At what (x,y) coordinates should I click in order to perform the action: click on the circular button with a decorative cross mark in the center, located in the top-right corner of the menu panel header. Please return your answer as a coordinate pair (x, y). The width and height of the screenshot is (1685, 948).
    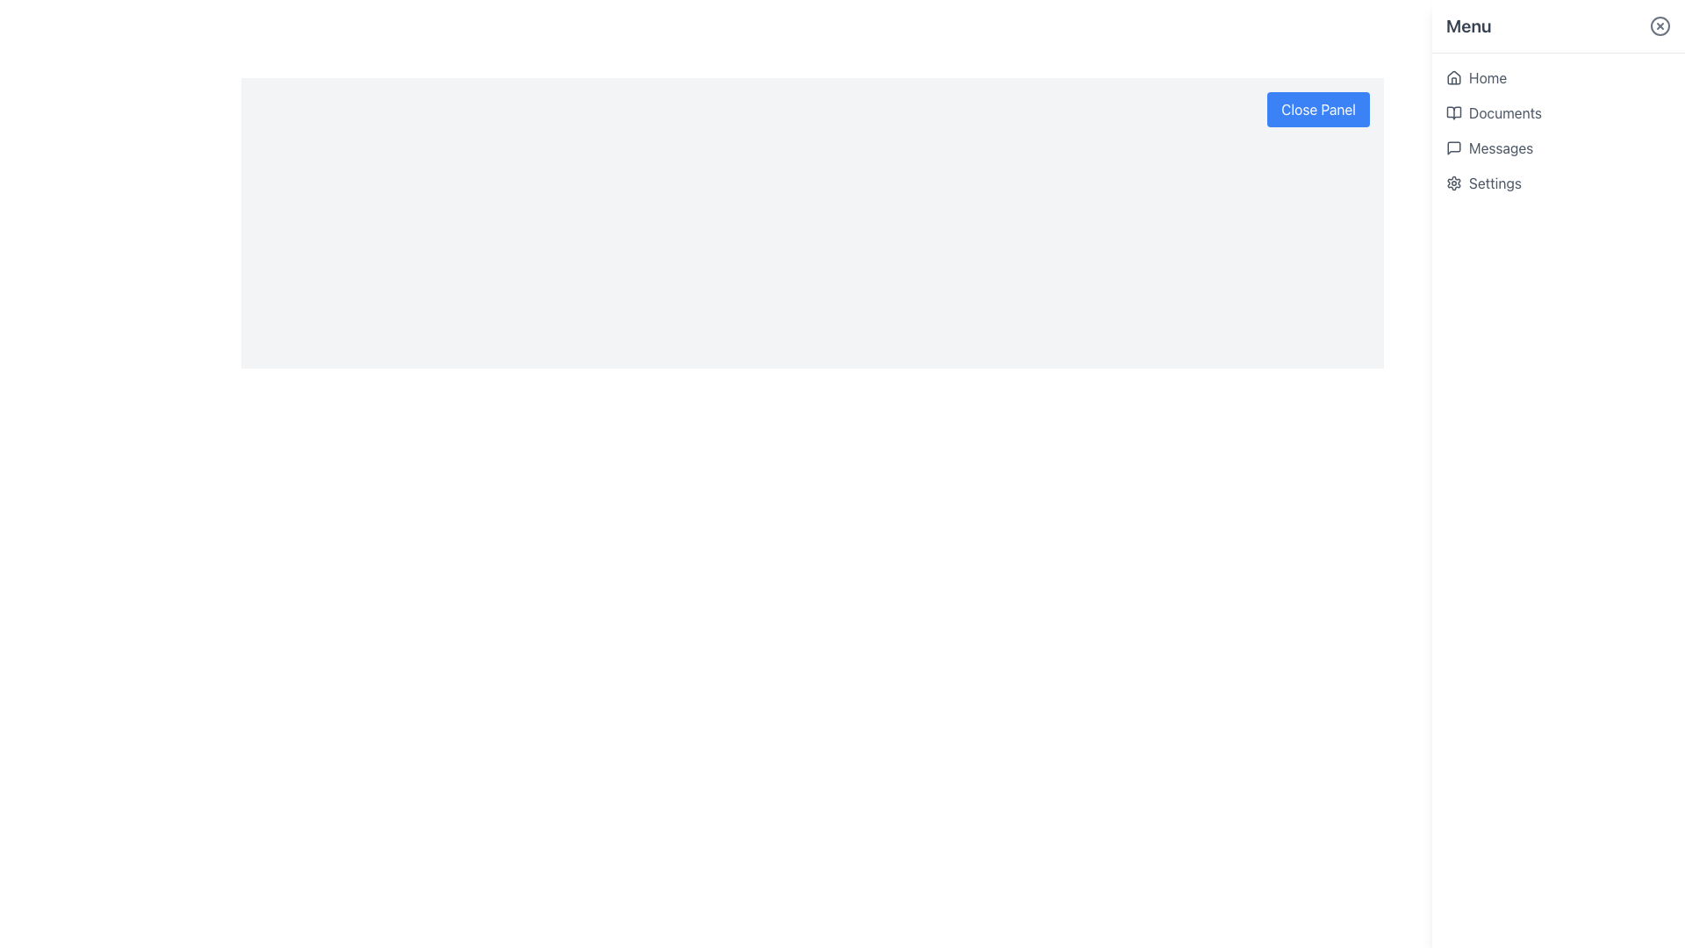
    Looking at the image, I should click on (1659, 26).